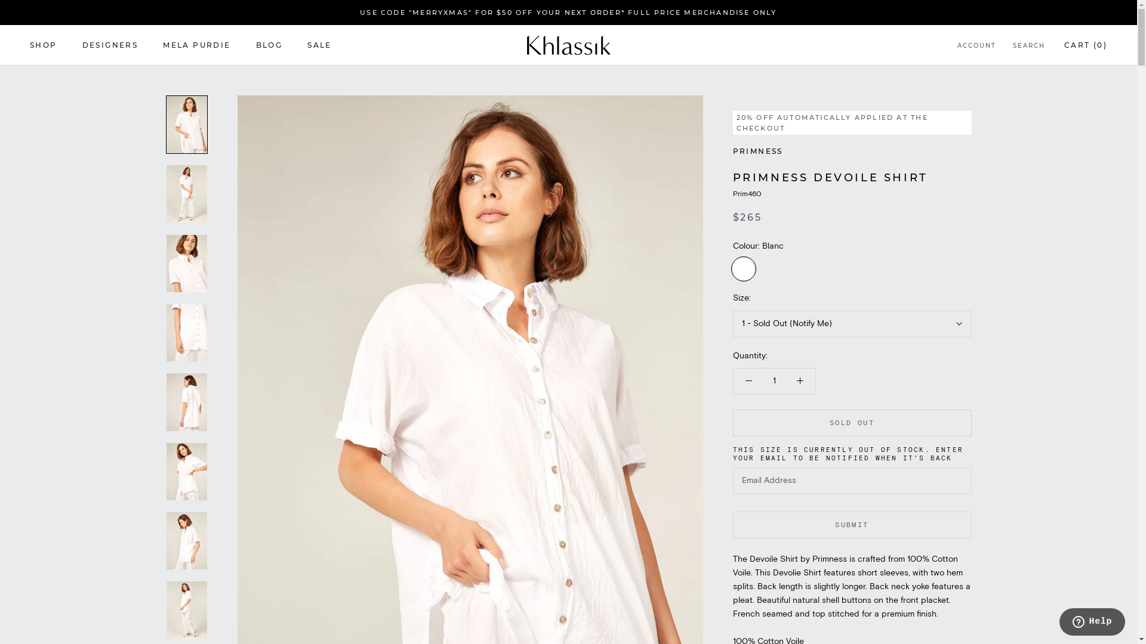  Describe the element at coordinates (851, 524) in the screenshot. I see `'SUBMIT'` at that location.